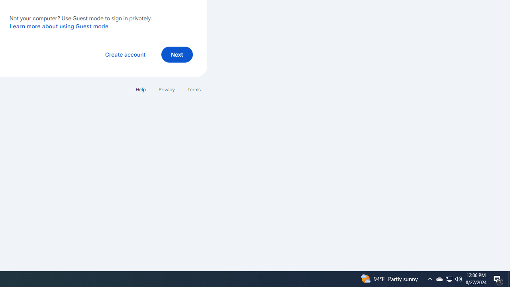 The width and height of the screenshot is (510, 287). What do you see at coordinates (59, 26) in the screenshot?
I see `'Learn more about using Guest mode'` at bounding box center [59, 26].